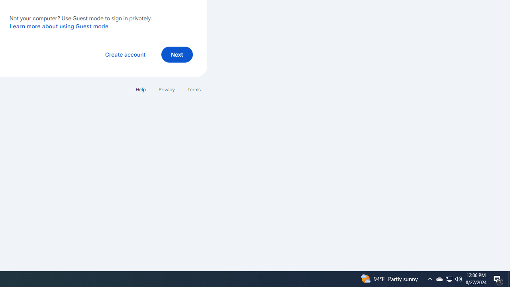 The width and height of the screenshot is (510, 287). What do you see at coordinates (59, 26) in the screenshot?
I see `'Learn more about using Guest mode'` at bounding box center [59, 26].